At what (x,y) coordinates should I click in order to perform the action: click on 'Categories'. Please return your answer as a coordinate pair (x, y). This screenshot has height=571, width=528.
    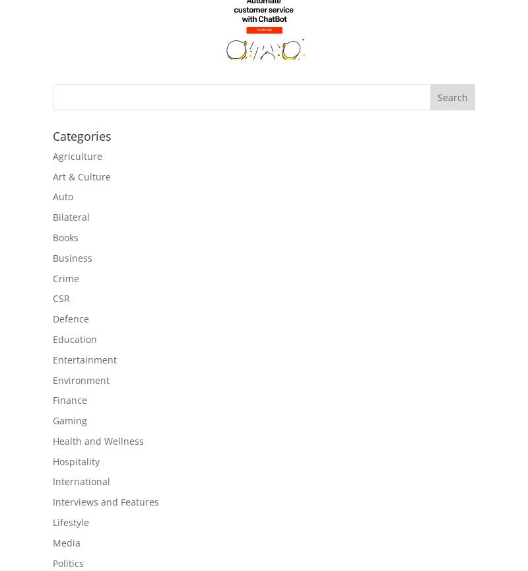
    Looking at the image, I should click on (81, 135).